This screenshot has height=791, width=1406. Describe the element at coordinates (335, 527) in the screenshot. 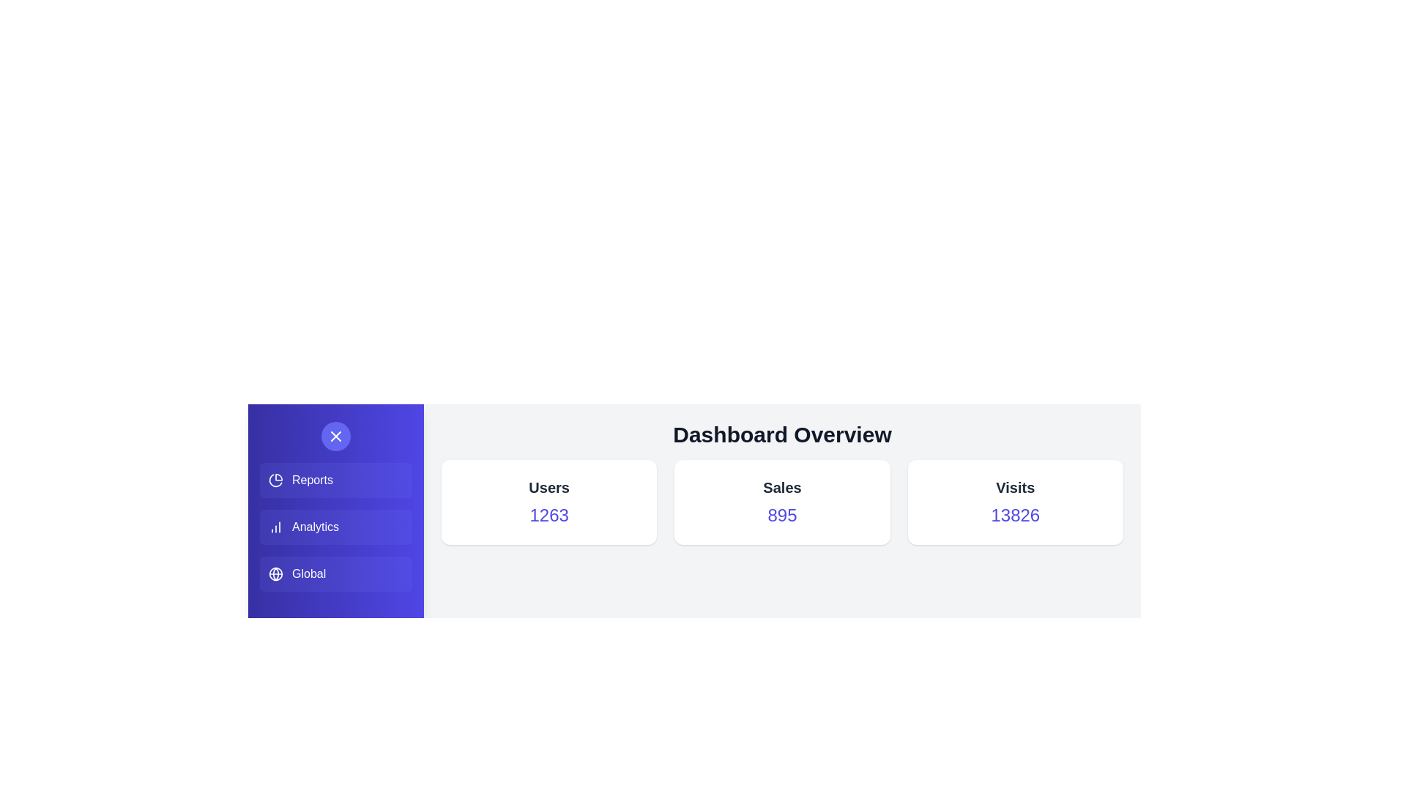

I see `the Analytics button in the side menu` at that location.